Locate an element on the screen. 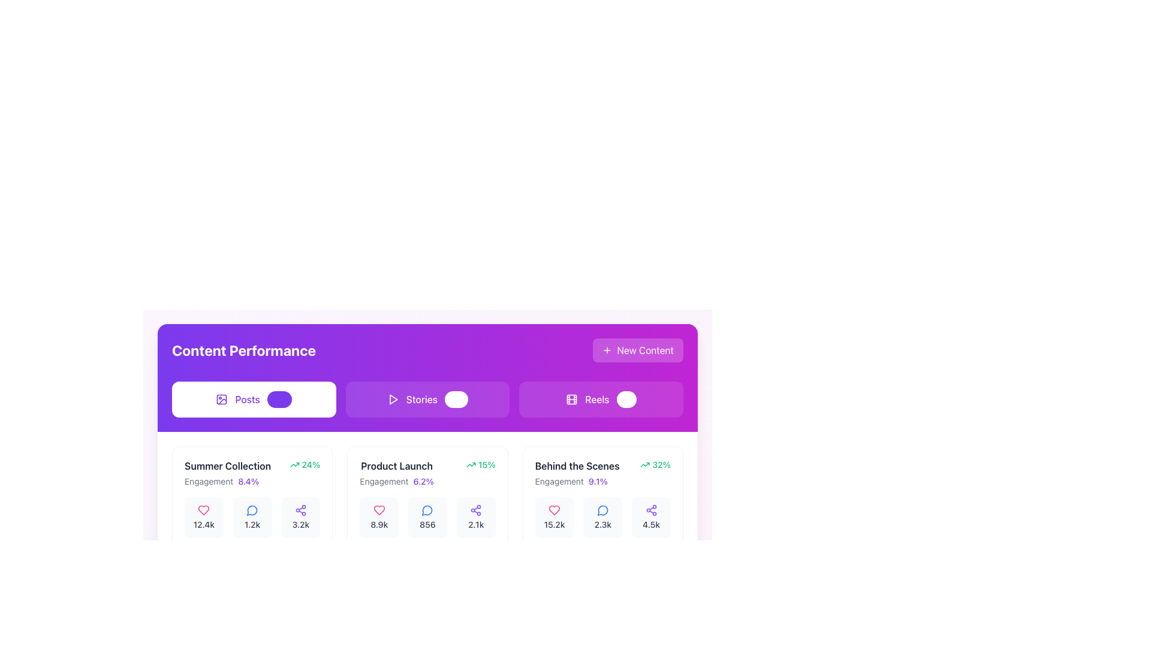 The height and width of the screenshot is (647, 1151). the text label that displays 'Product Launch' and 'Engagement 6.2%' within the middle card beneath the 'Content Performance' header is located at coordinates (397, 473).